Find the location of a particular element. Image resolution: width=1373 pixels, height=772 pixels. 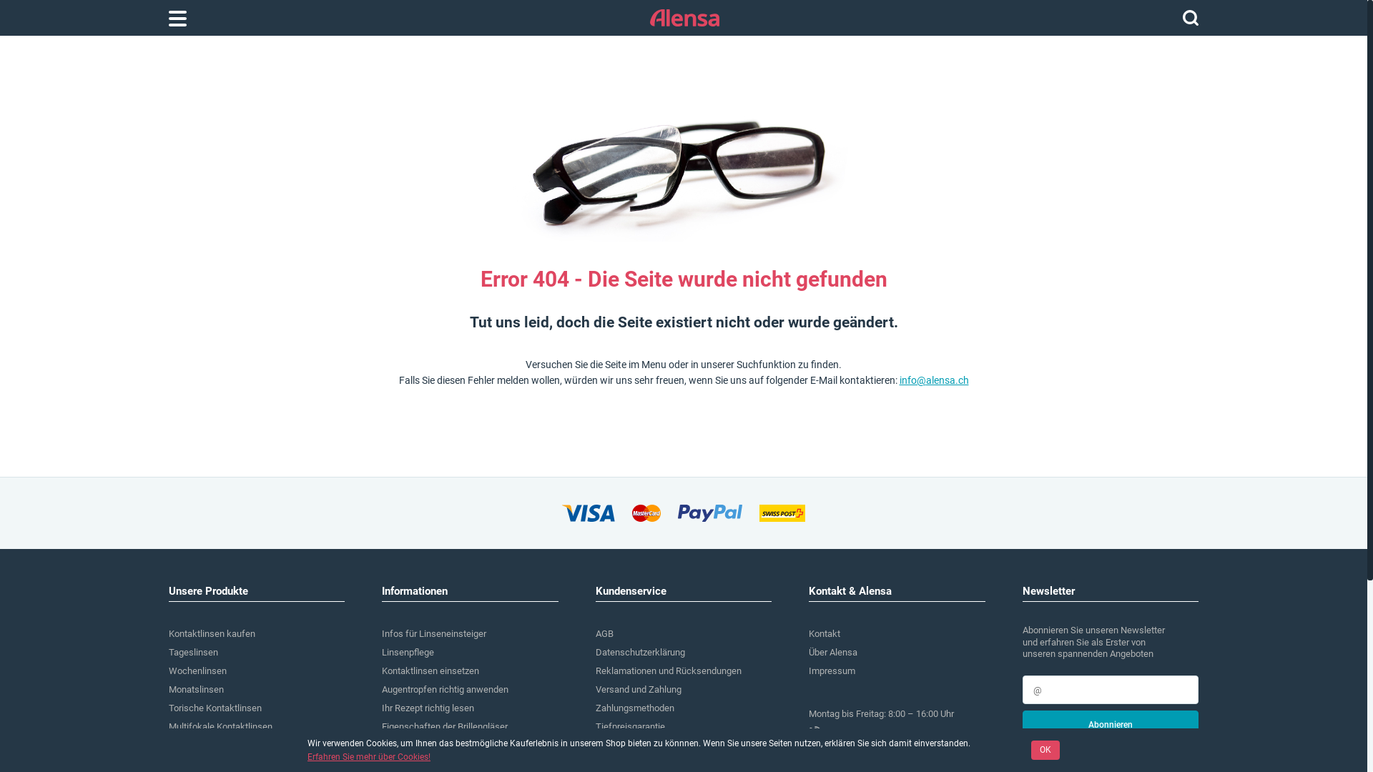

'AGB' is located at coordinates (604, 633).